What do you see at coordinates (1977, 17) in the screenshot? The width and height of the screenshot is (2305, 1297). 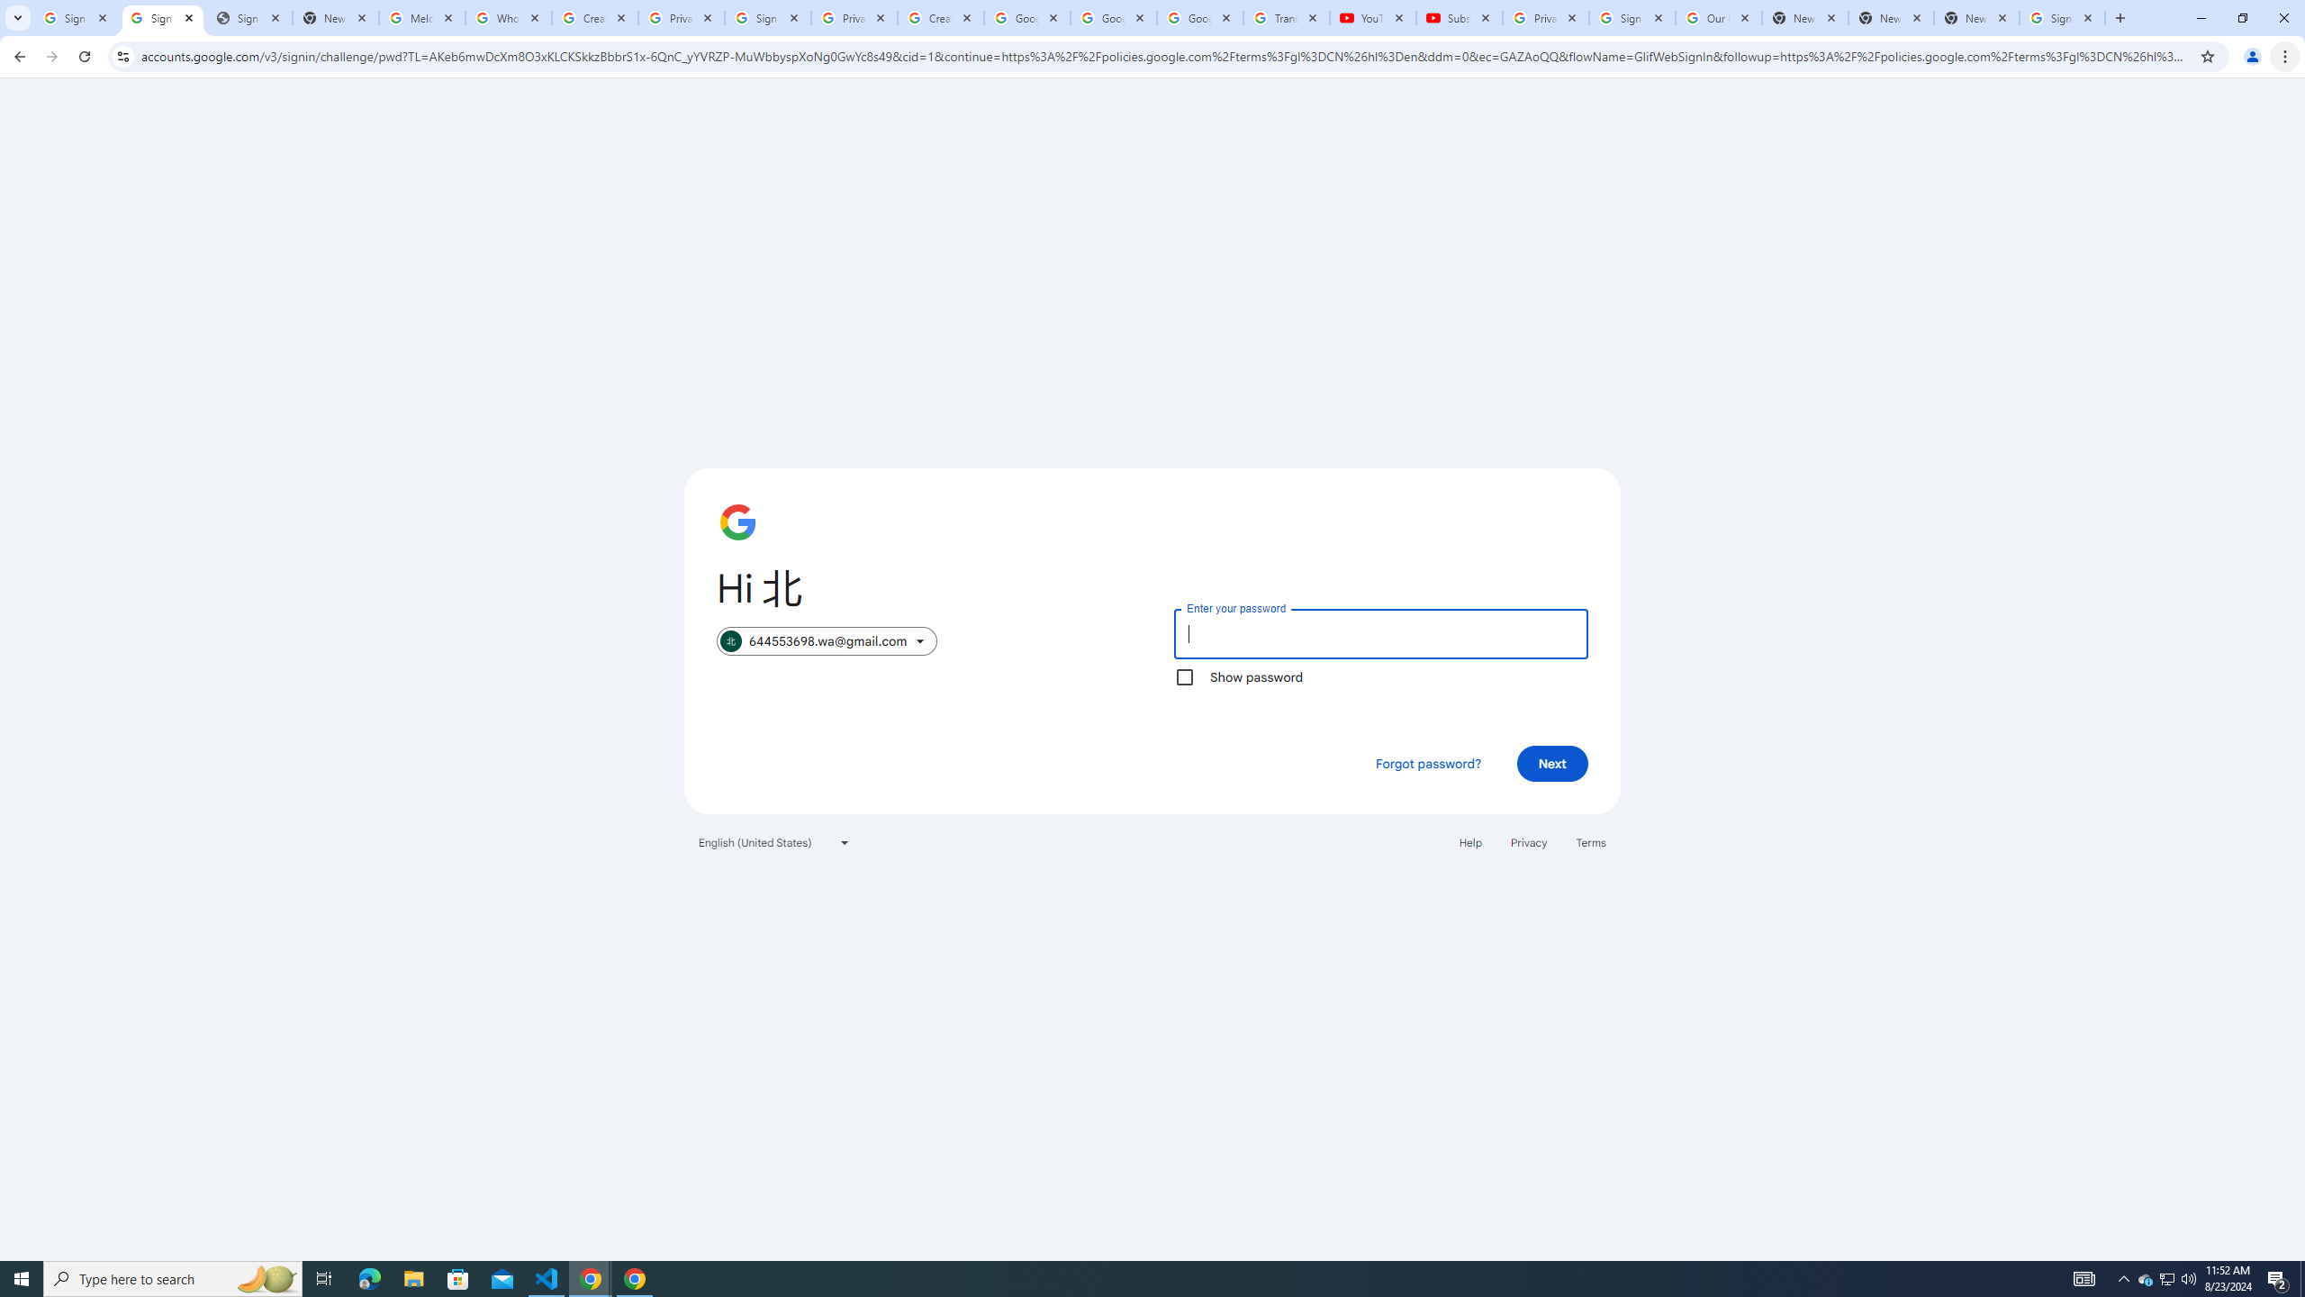 I see `'New Tab'` at bounding box center [1977, 17].